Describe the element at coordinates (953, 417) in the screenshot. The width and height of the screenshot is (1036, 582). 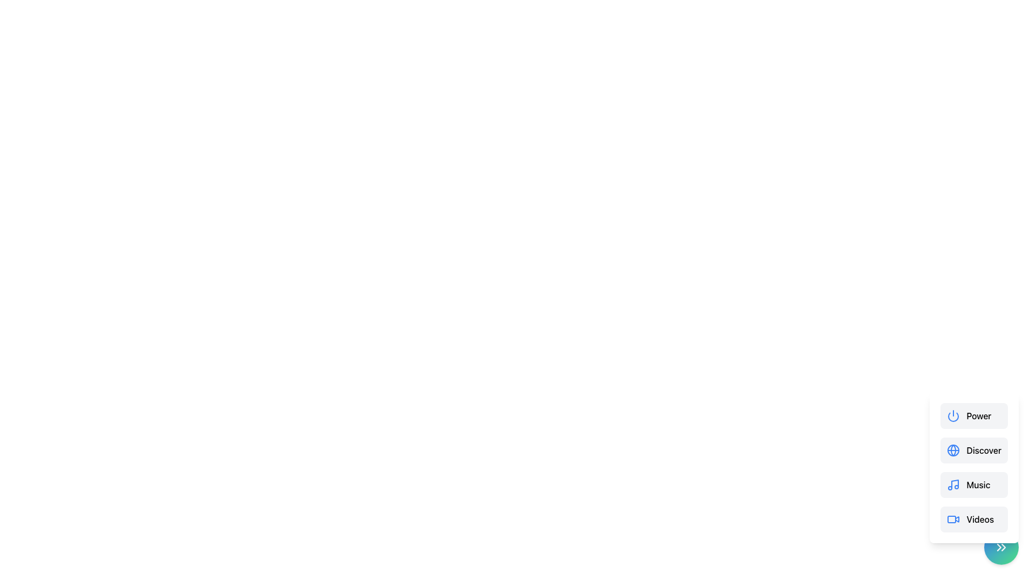
I see `the upper semi-circle arc of the power icon located in the bottom-right corner of the interface` at that location.